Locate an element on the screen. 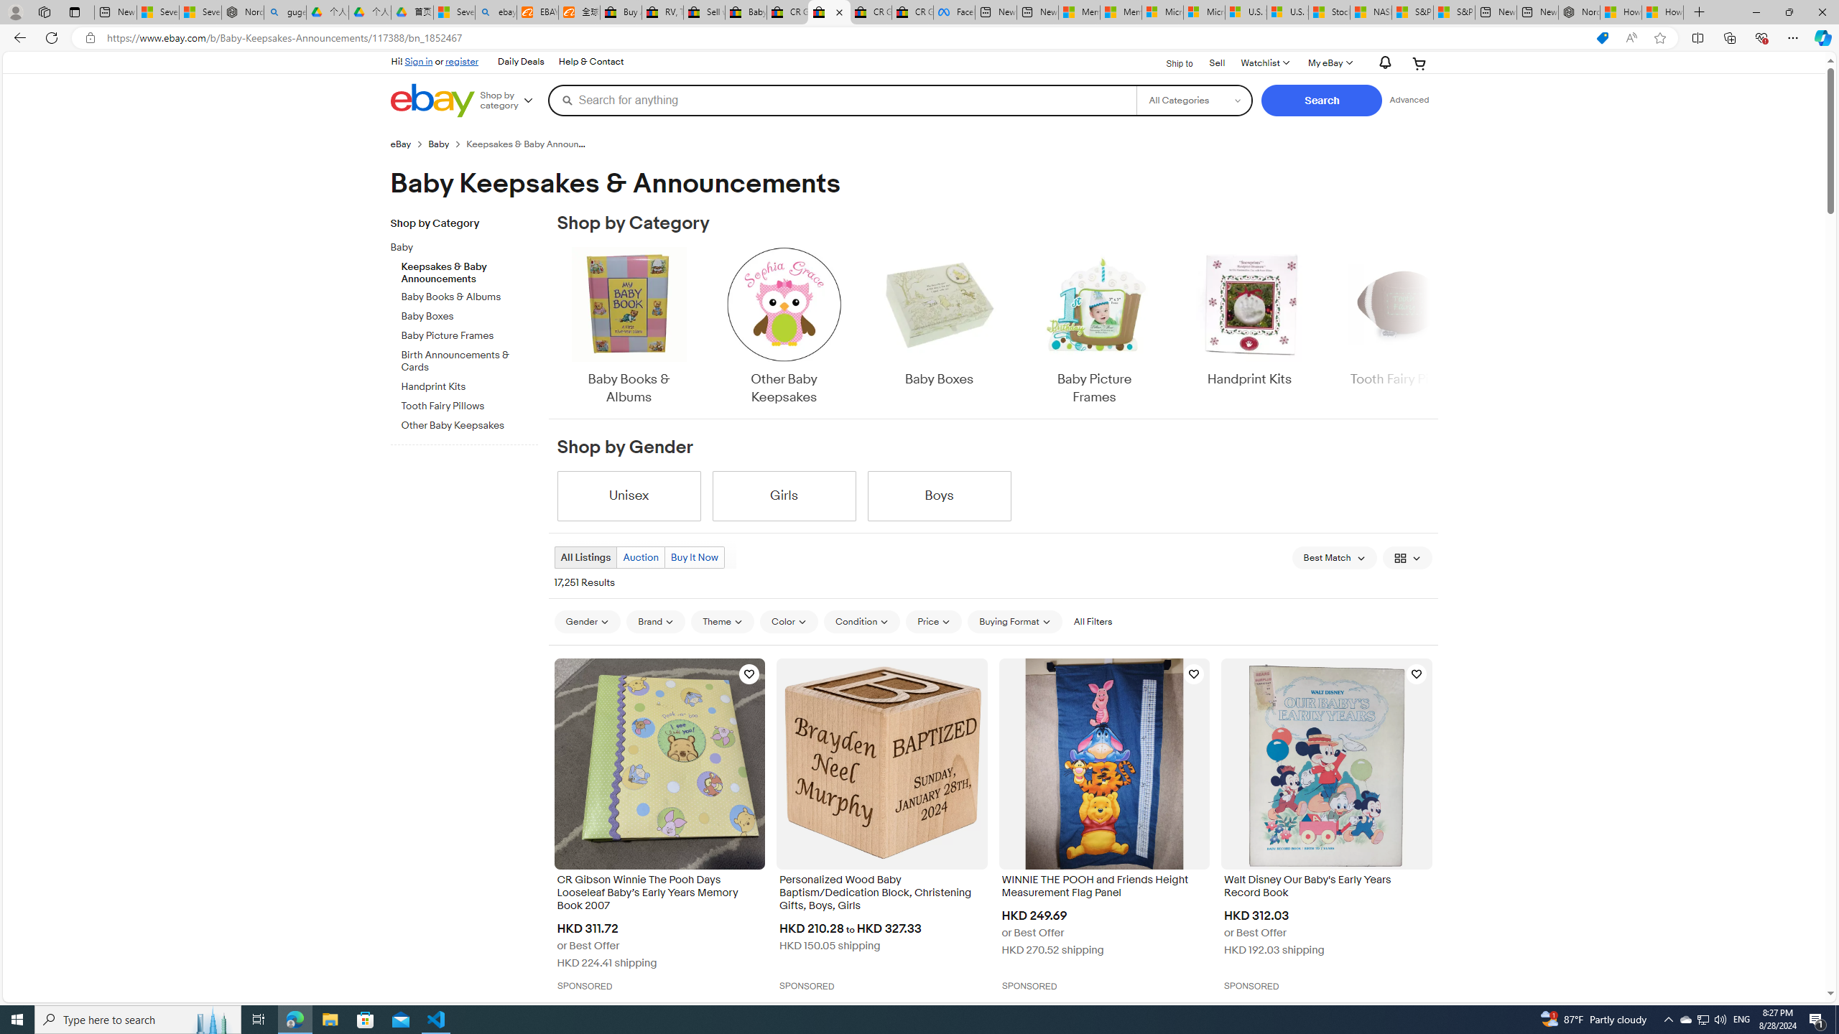  'Girls' is located at coordinates (784, 495).